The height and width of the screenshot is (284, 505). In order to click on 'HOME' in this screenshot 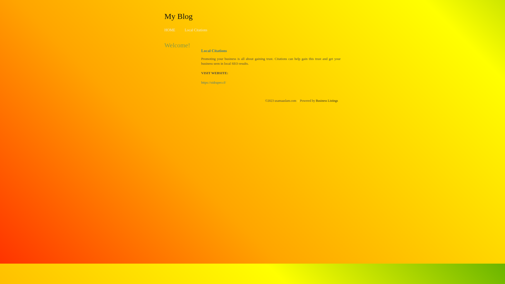, I will do `click(170, 30)`.